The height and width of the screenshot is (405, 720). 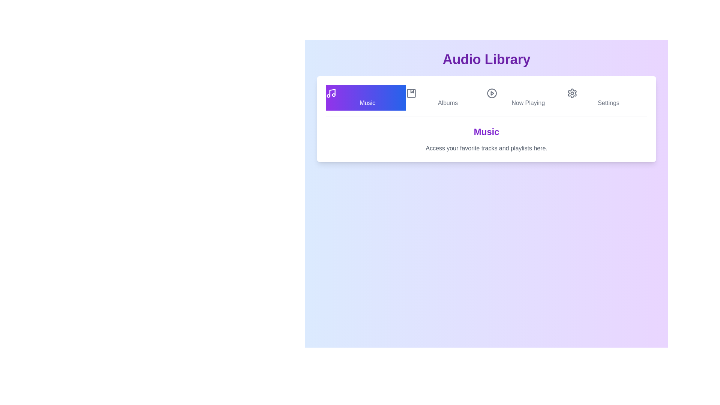 What do you see at coordinates (446, 97) in the screenshot?
I see `the 'Albums' navigation tab, which is the second option in the horizontal navigation bar` at bounding box center [446, 97].